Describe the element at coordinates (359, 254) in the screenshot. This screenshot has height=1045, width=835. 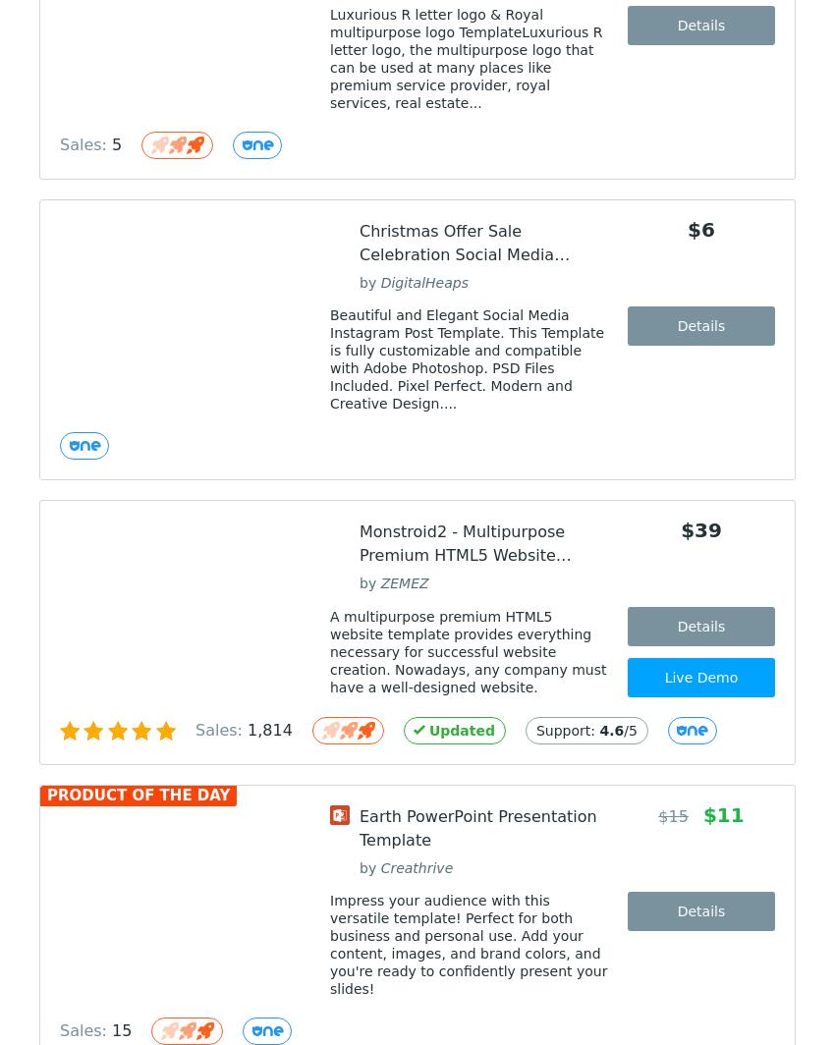
I see `'Christmas Offer Sale Celebration Social Media Instagram Post Design-04'` at that location.